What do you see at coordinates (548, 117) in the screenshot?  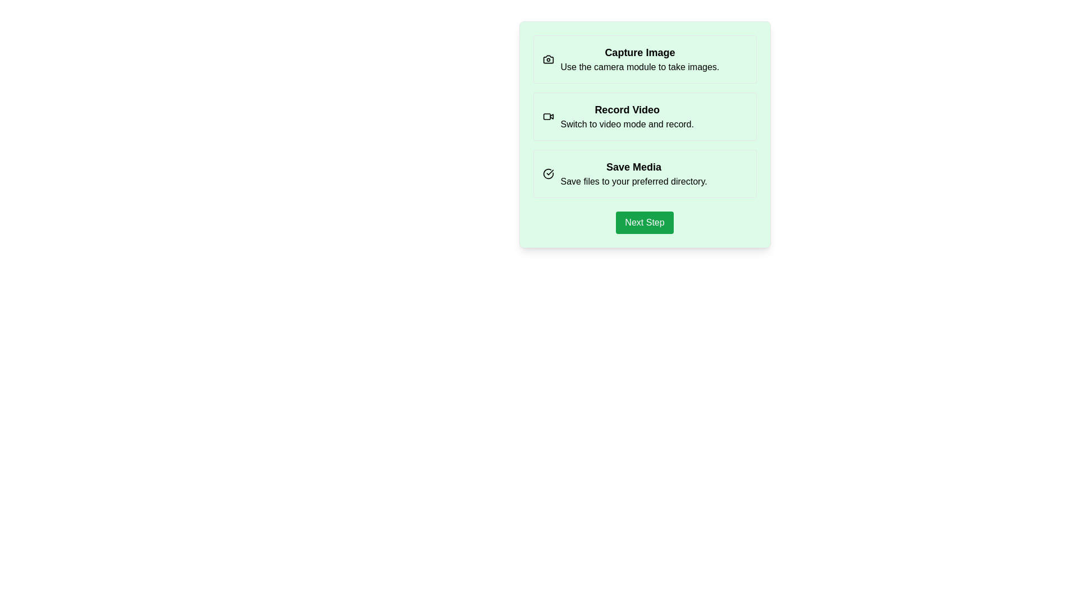 I see `the 'Record Video' icon, which is the first element in the second row of a vertical list of options, positioned to the left of the bold text 'Record Video'` at bounding box center [548, 117].